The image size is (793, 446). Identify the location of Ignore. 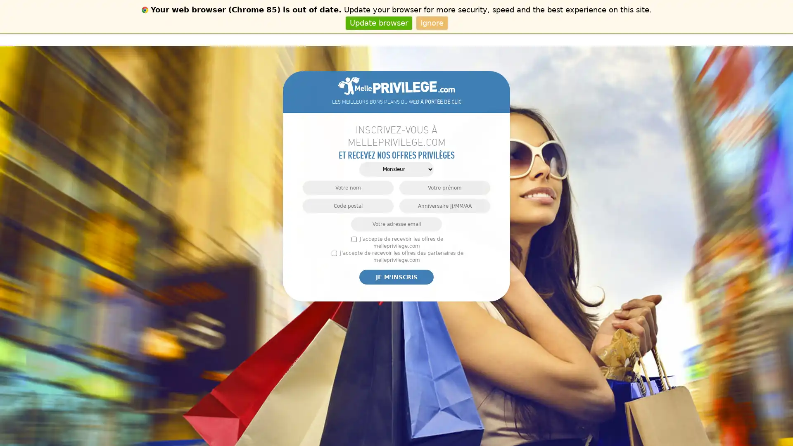
(431, 22).